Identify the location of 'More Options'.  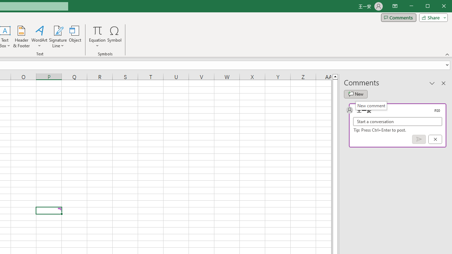
(97, 43).